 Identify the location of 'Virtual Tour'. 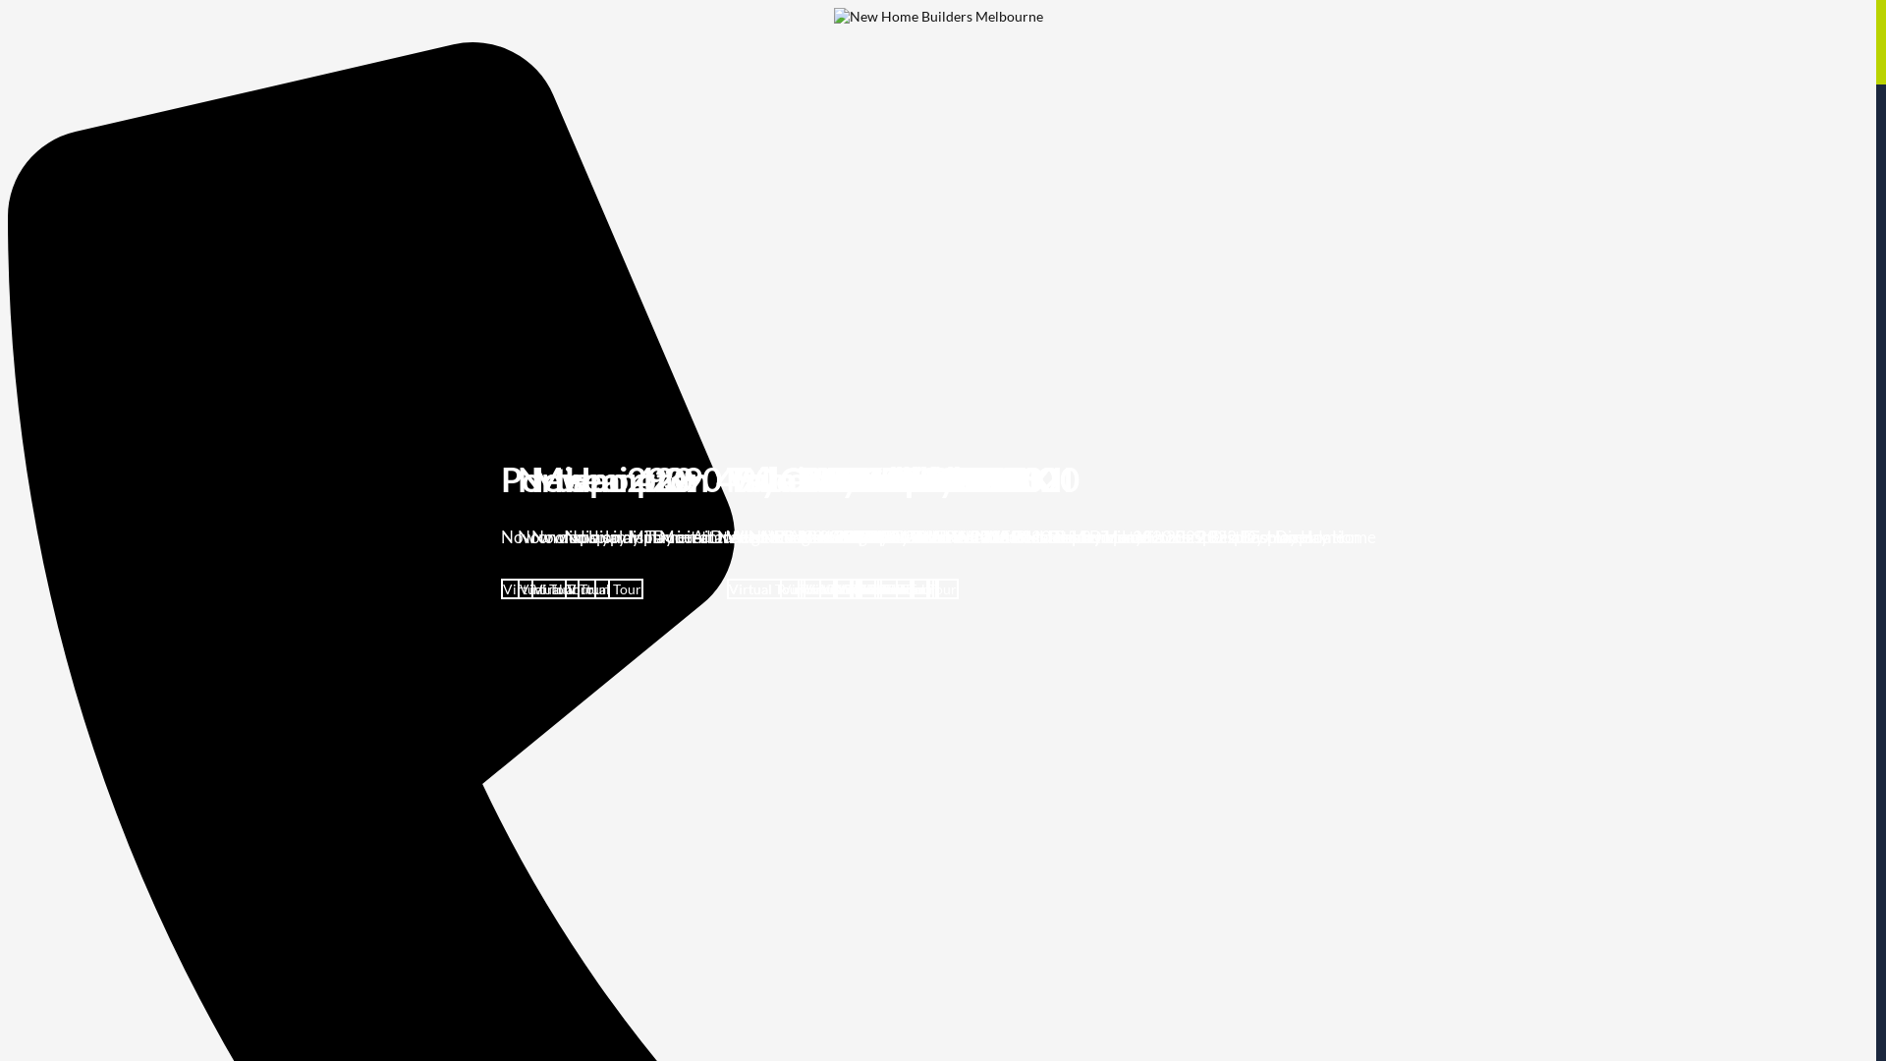
(858, 587).